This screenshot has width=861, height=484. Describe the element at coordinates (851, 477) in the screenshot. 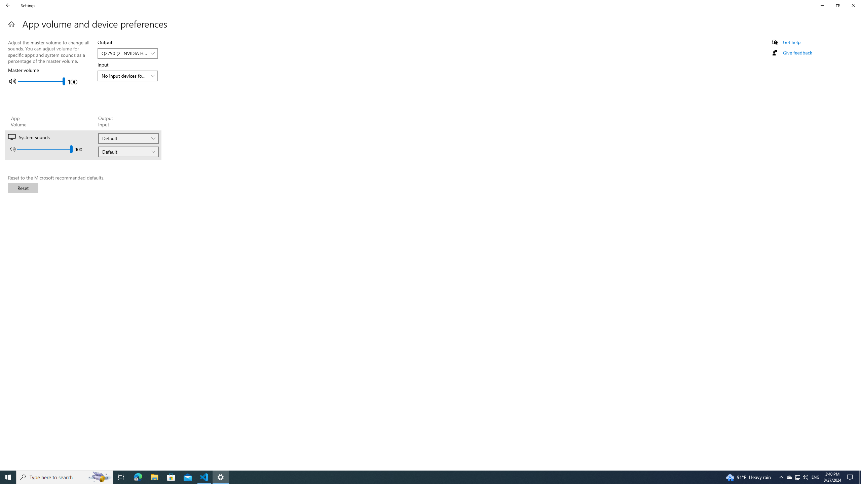

I see `'Action Center, No new notifications'` at that location.